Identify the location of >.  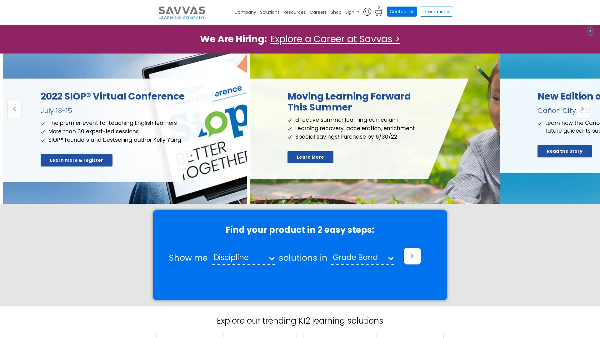
(412, 256).